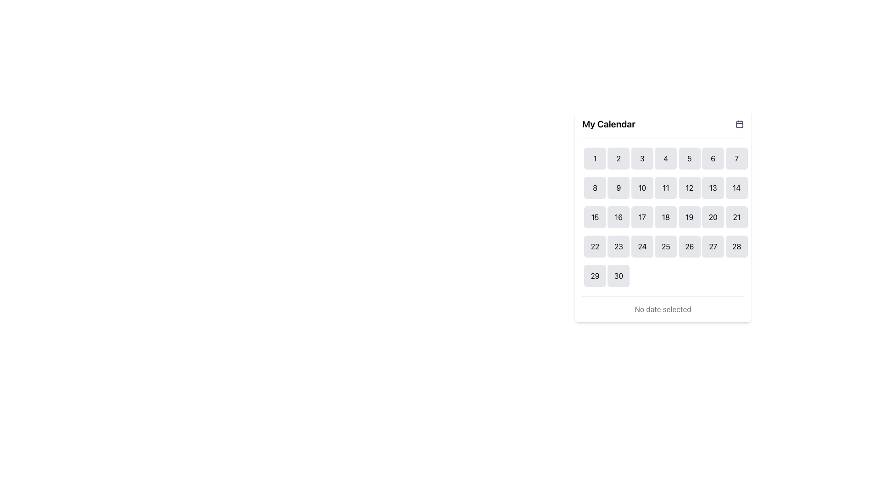 Image resolution: width=881 pixels, height=495 pixels. What do you see at coordinates (663, 309) in the screenshot?
I see `the text label that displays a default message indicating no date has been selected, located directly below the calendar grid and centered within the calendar interface` at bounding box center [663, 309].